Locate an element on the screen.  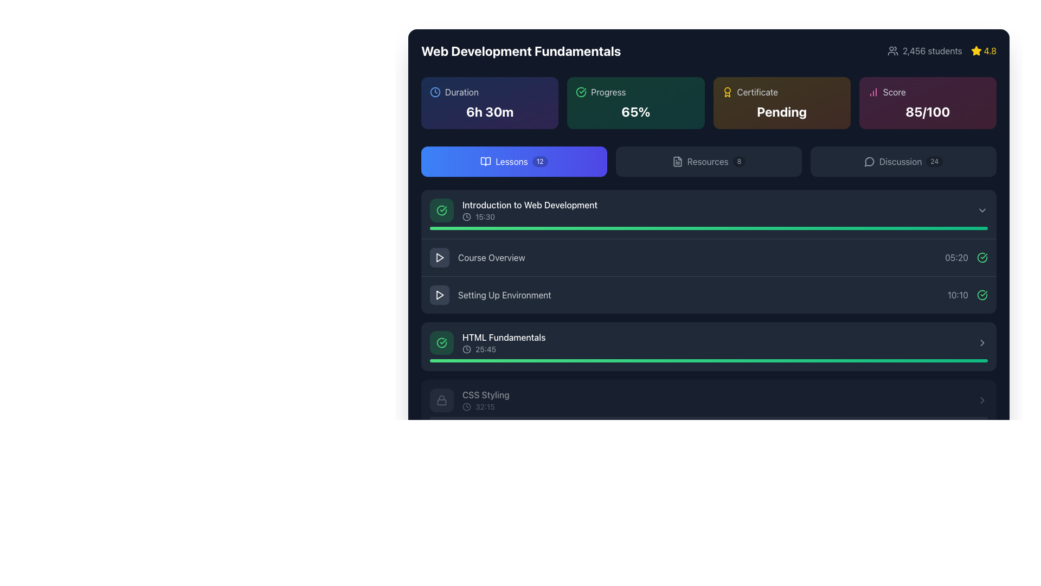
the progress bar indicating completion for 'HTML Fundamentals', located below the text '25:45' is located at coordinates (709, 360).